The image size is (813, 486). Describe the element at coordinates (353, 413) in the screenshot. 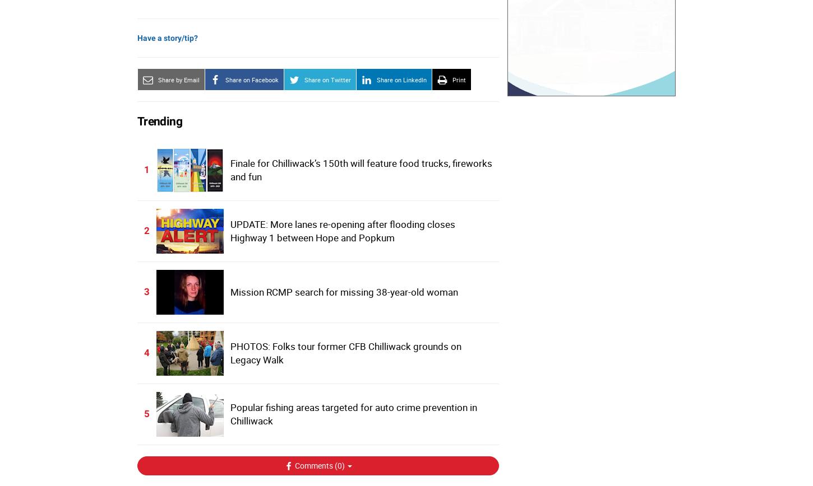

I see `'Popular fishing areas targeted for auto crime prevention in Chilliwack'` at that location.